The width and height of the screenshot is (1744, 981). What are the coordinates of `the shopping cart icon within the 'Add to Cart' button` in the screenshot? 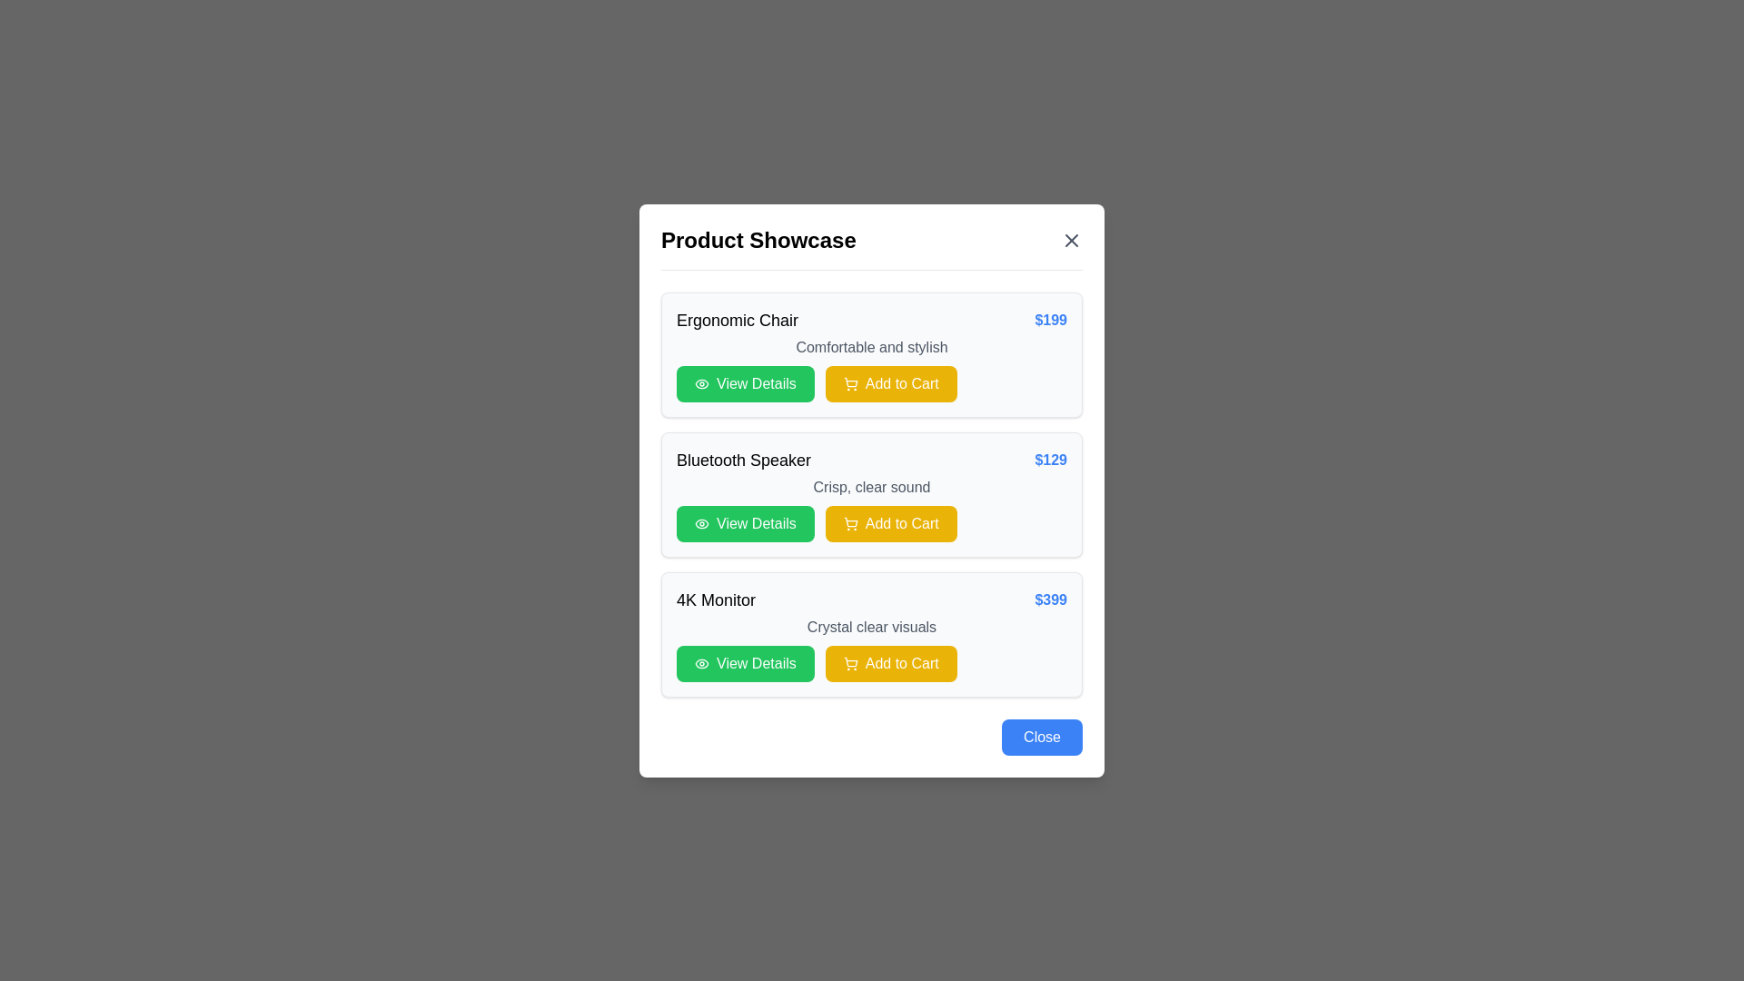 It's located at (849, 663).